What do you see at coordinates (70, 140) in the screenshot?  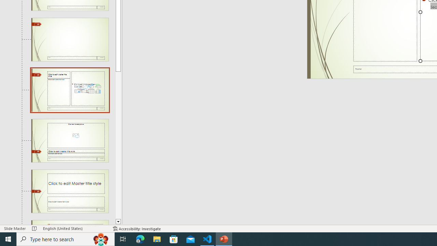 I see `'Slide Picture with Caption Layout: used by no slides'` at bounding box center [70, 140].